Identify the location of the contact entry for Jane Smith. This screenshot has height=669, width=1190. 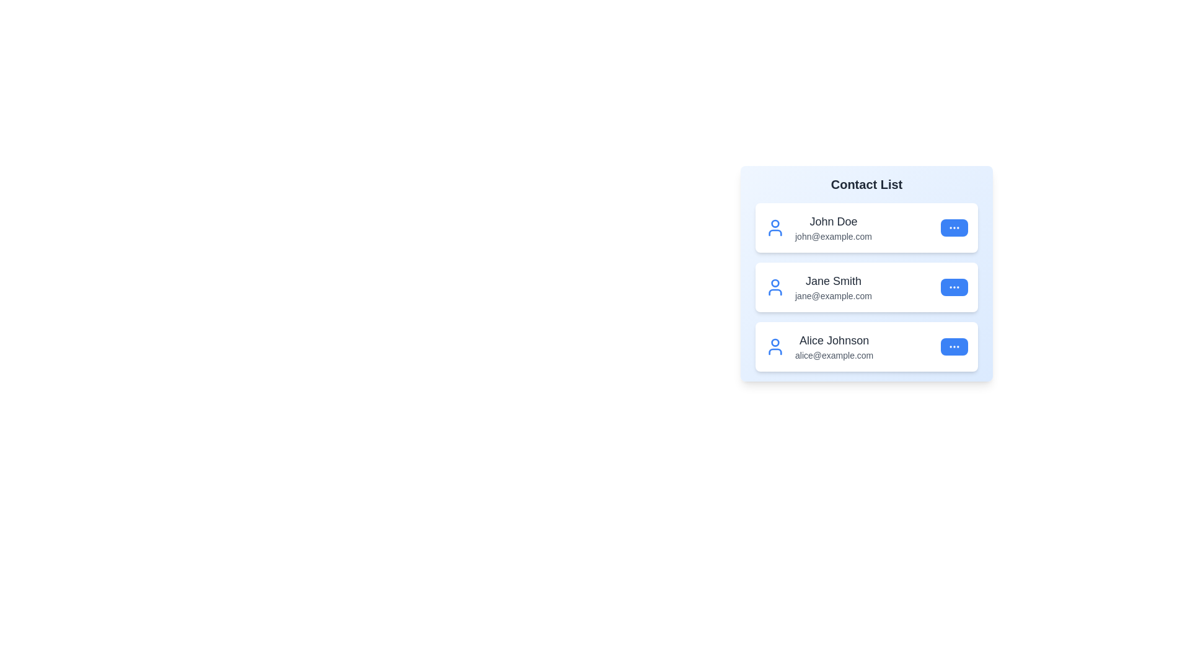
(866, 287).